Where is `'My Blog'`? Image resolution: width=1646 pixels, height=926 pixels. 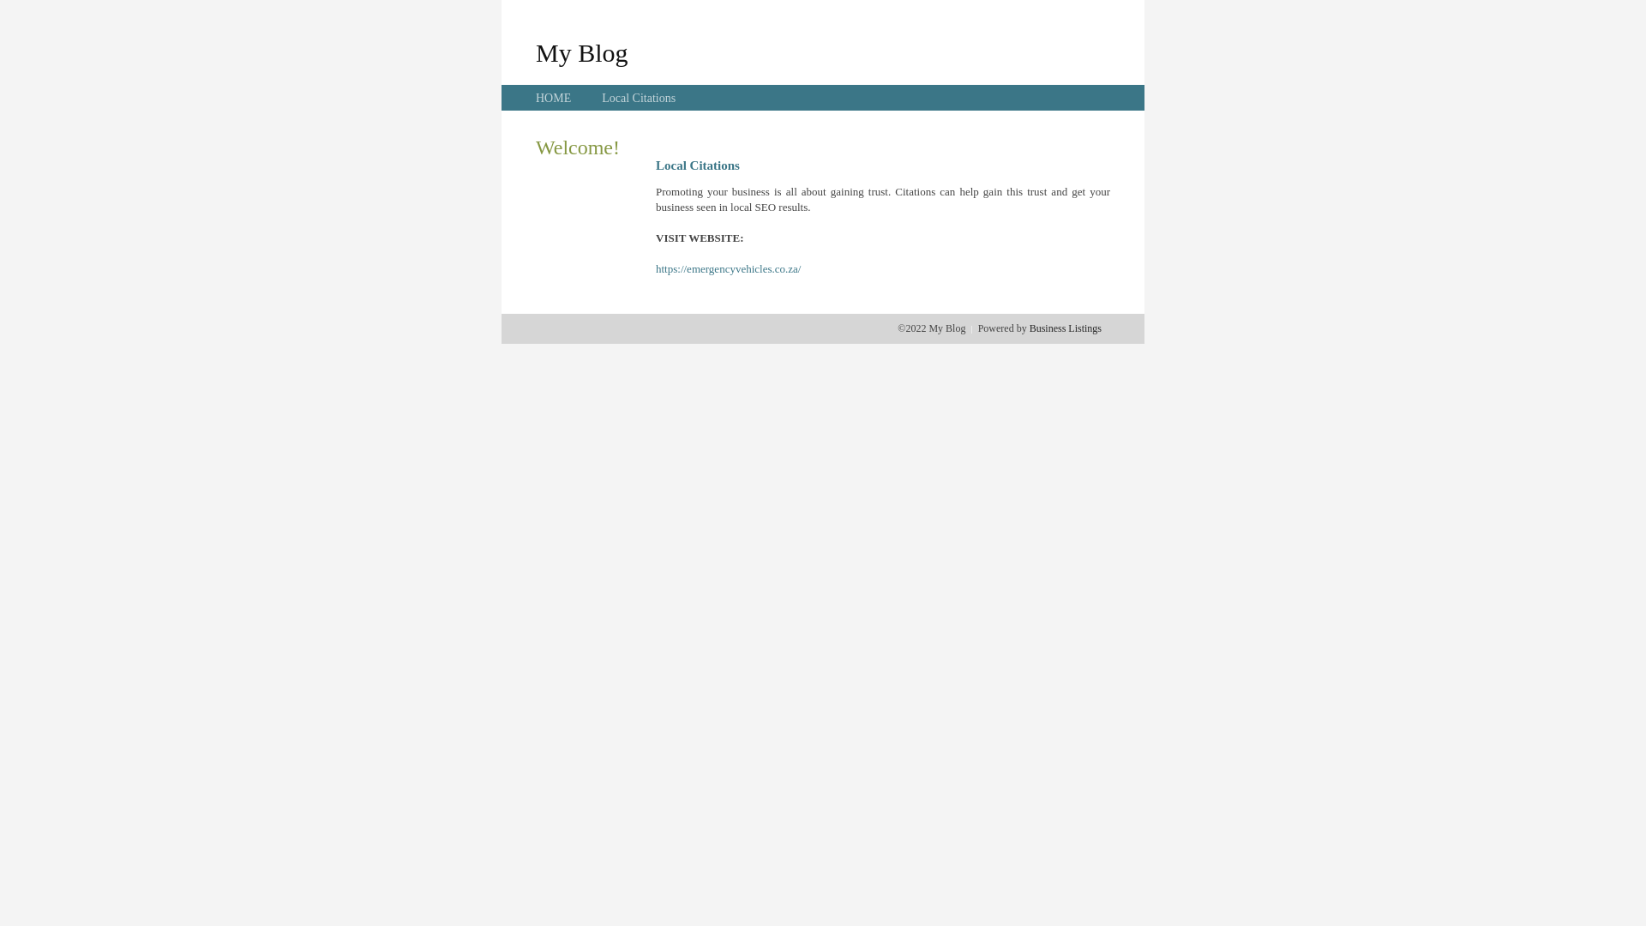
'My Blog' is located at coordinates (581, 51).